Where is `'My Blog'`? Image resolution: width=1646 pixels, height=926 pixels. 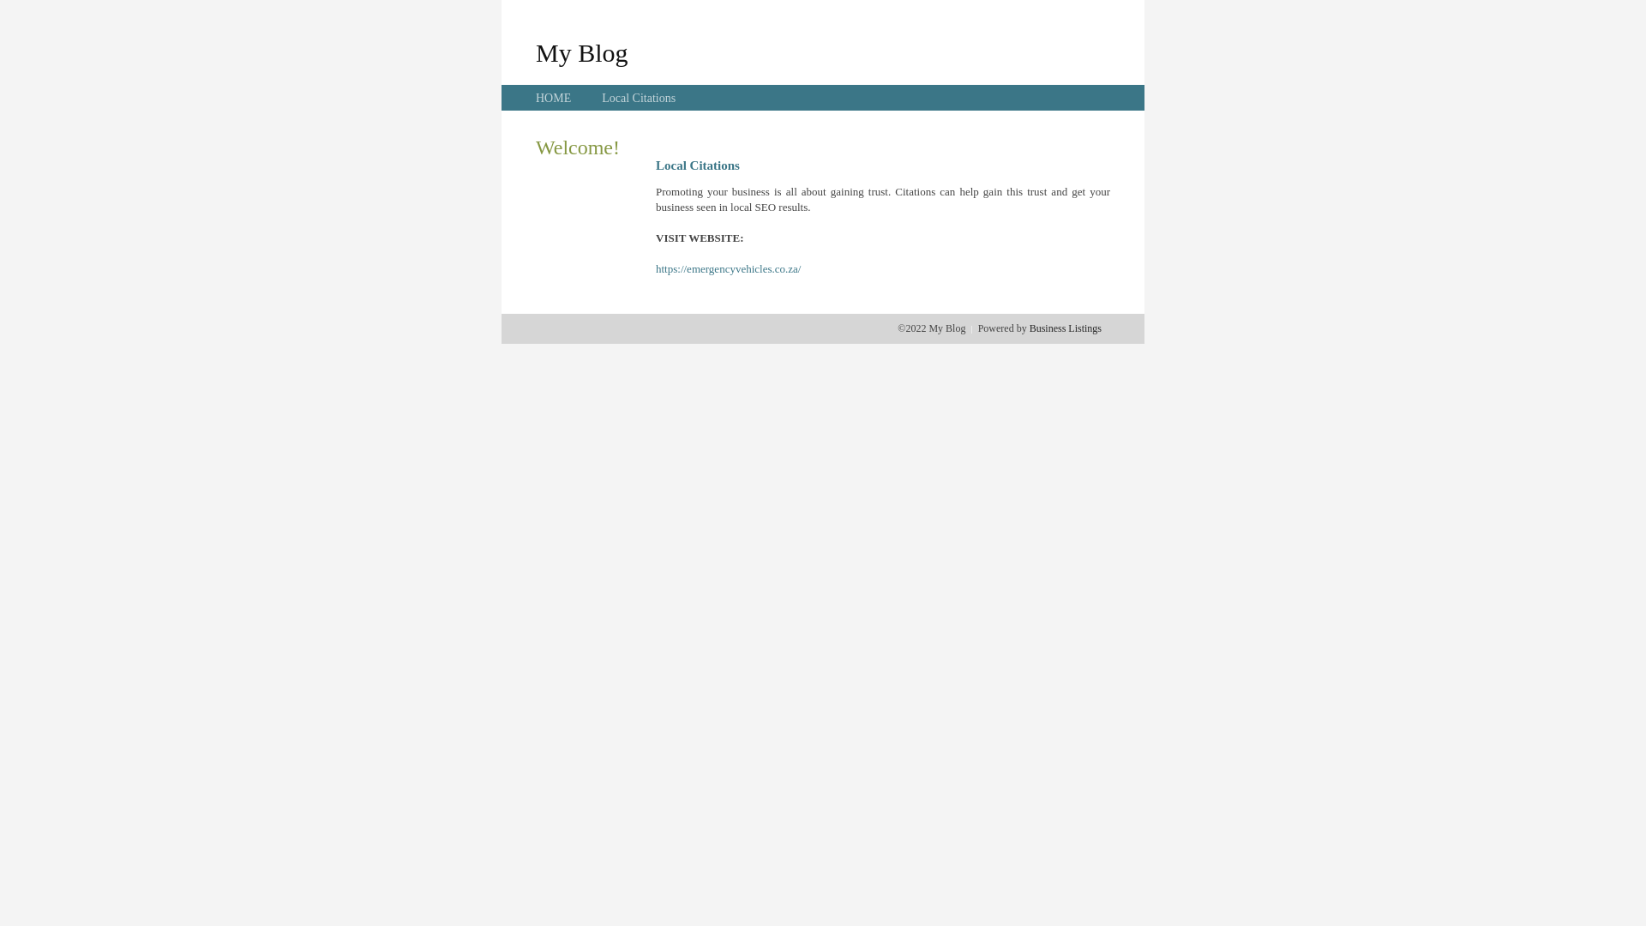
'My Blog' is located at coordinates (581, 51).